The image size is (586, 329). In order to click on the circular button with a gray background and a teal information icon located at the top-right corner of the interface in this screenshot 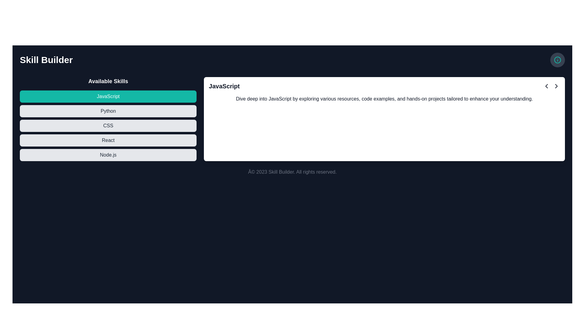, I will do `click(558, 60)`.